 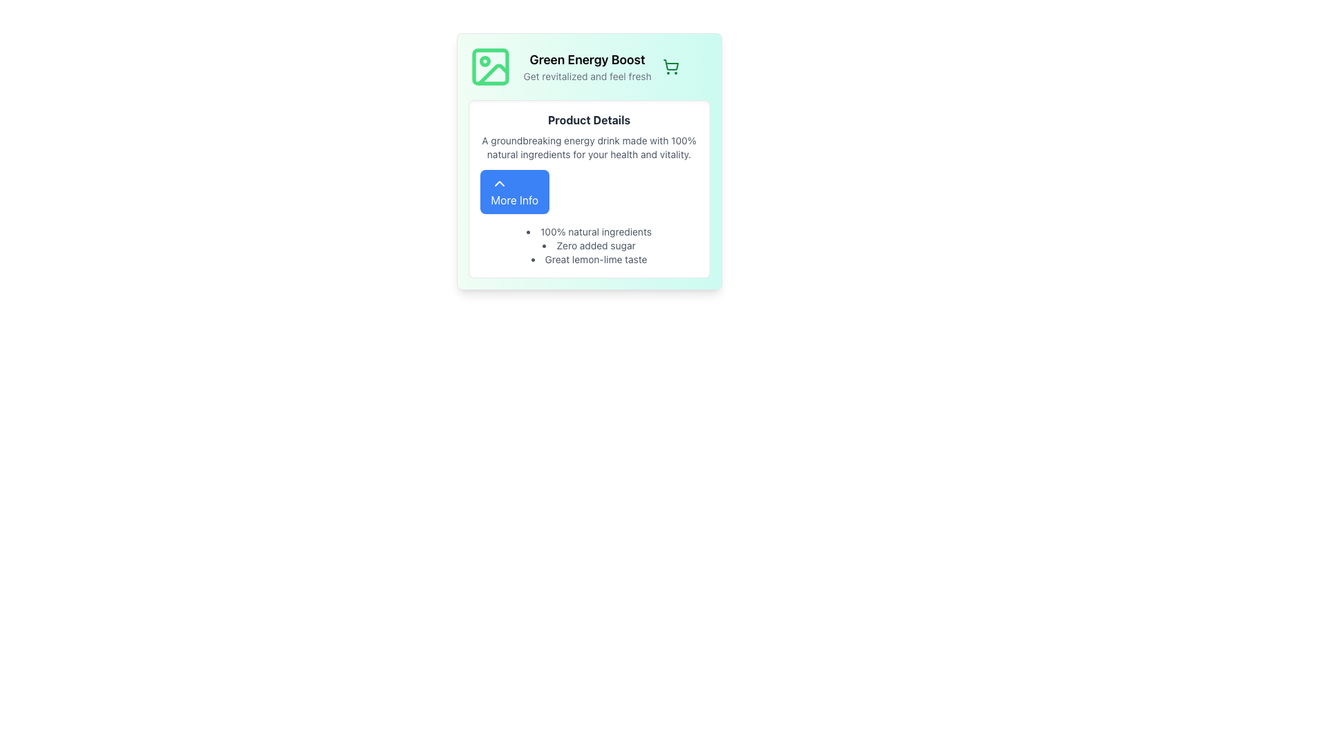 What do you see at coordinates (587, 59) in the screenshot?
I see `text 'Green Energy Boost' which is a bold and large font title located at the upper part of a card component` at bounding box center [587, 59].